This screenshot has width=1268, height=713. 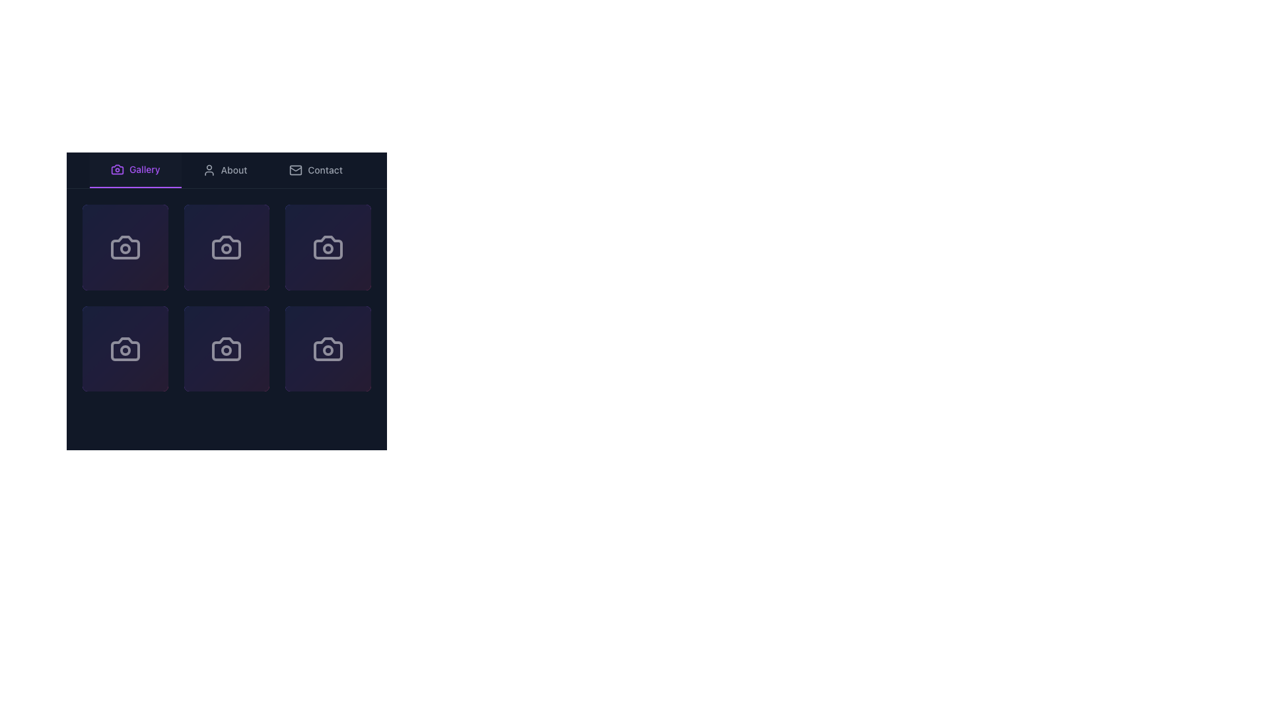 What do you see at coordinates (227, 348) in the screenshot?
I see `the interactive camera button located in the bottom middle position of the layout, specifically the second element in the bottom row` at bounding box center [227, 348].